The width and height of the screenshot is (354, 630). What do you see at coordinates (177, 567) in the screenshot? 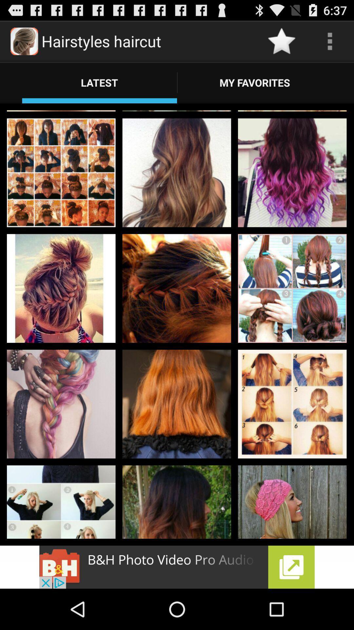
I see `b h photo video` at bounding box center [177, 567].